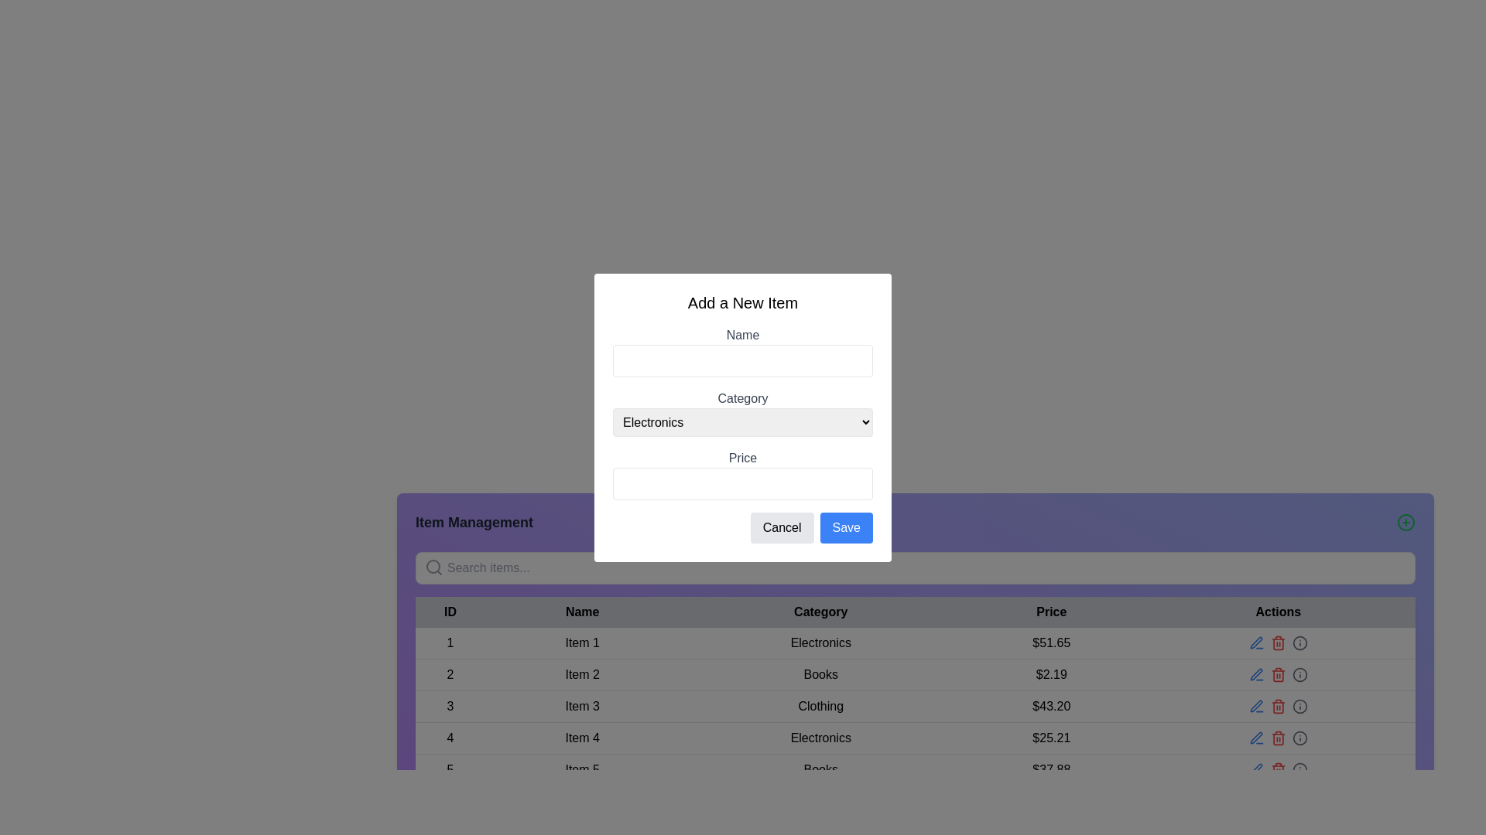 The height and width of the screenshot is (835, 1486). What do you see at coordinates (1256, 738) in the screenshot?
I see `the pen icon located at the far-right of the 'Actions' row in the 'Item Management' table` at bounding box center [1256, 738].